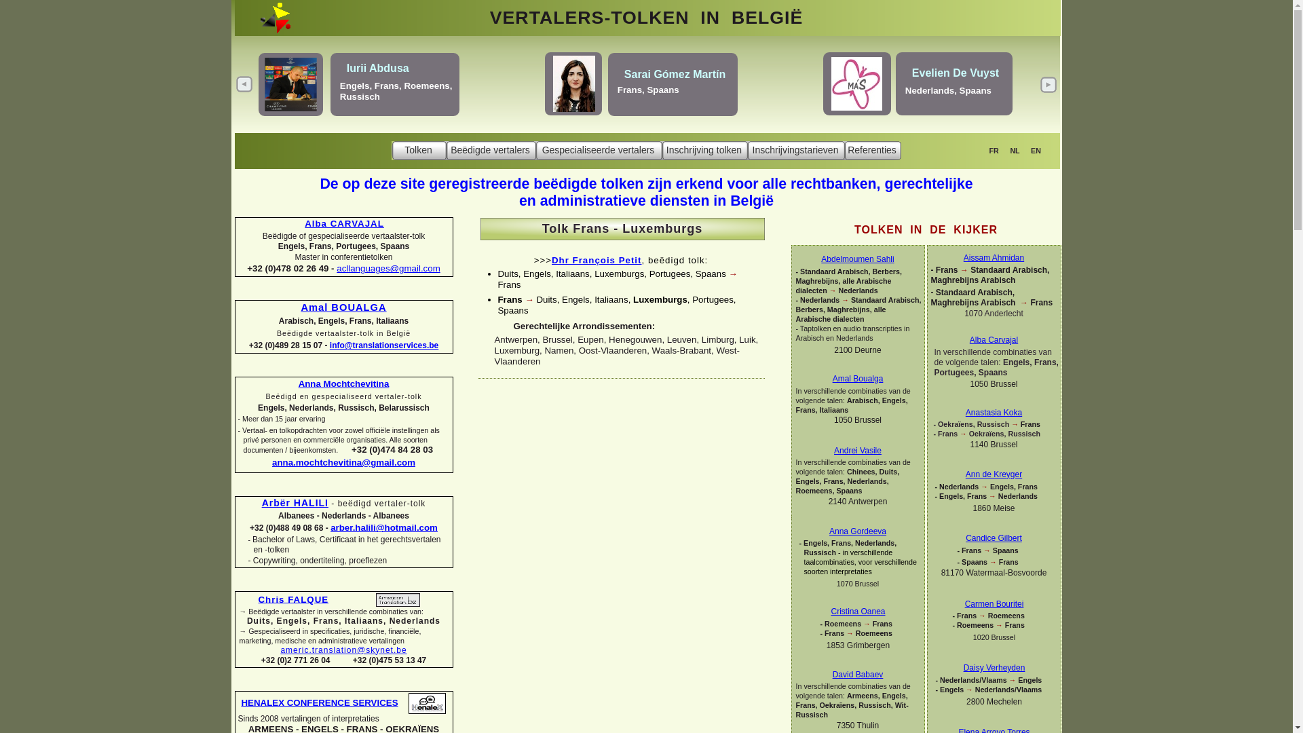  What do you see at coordinates (856, 612) in the screenshot?
I see `'Cristina Oanea'` at bounding box center [856, 612].